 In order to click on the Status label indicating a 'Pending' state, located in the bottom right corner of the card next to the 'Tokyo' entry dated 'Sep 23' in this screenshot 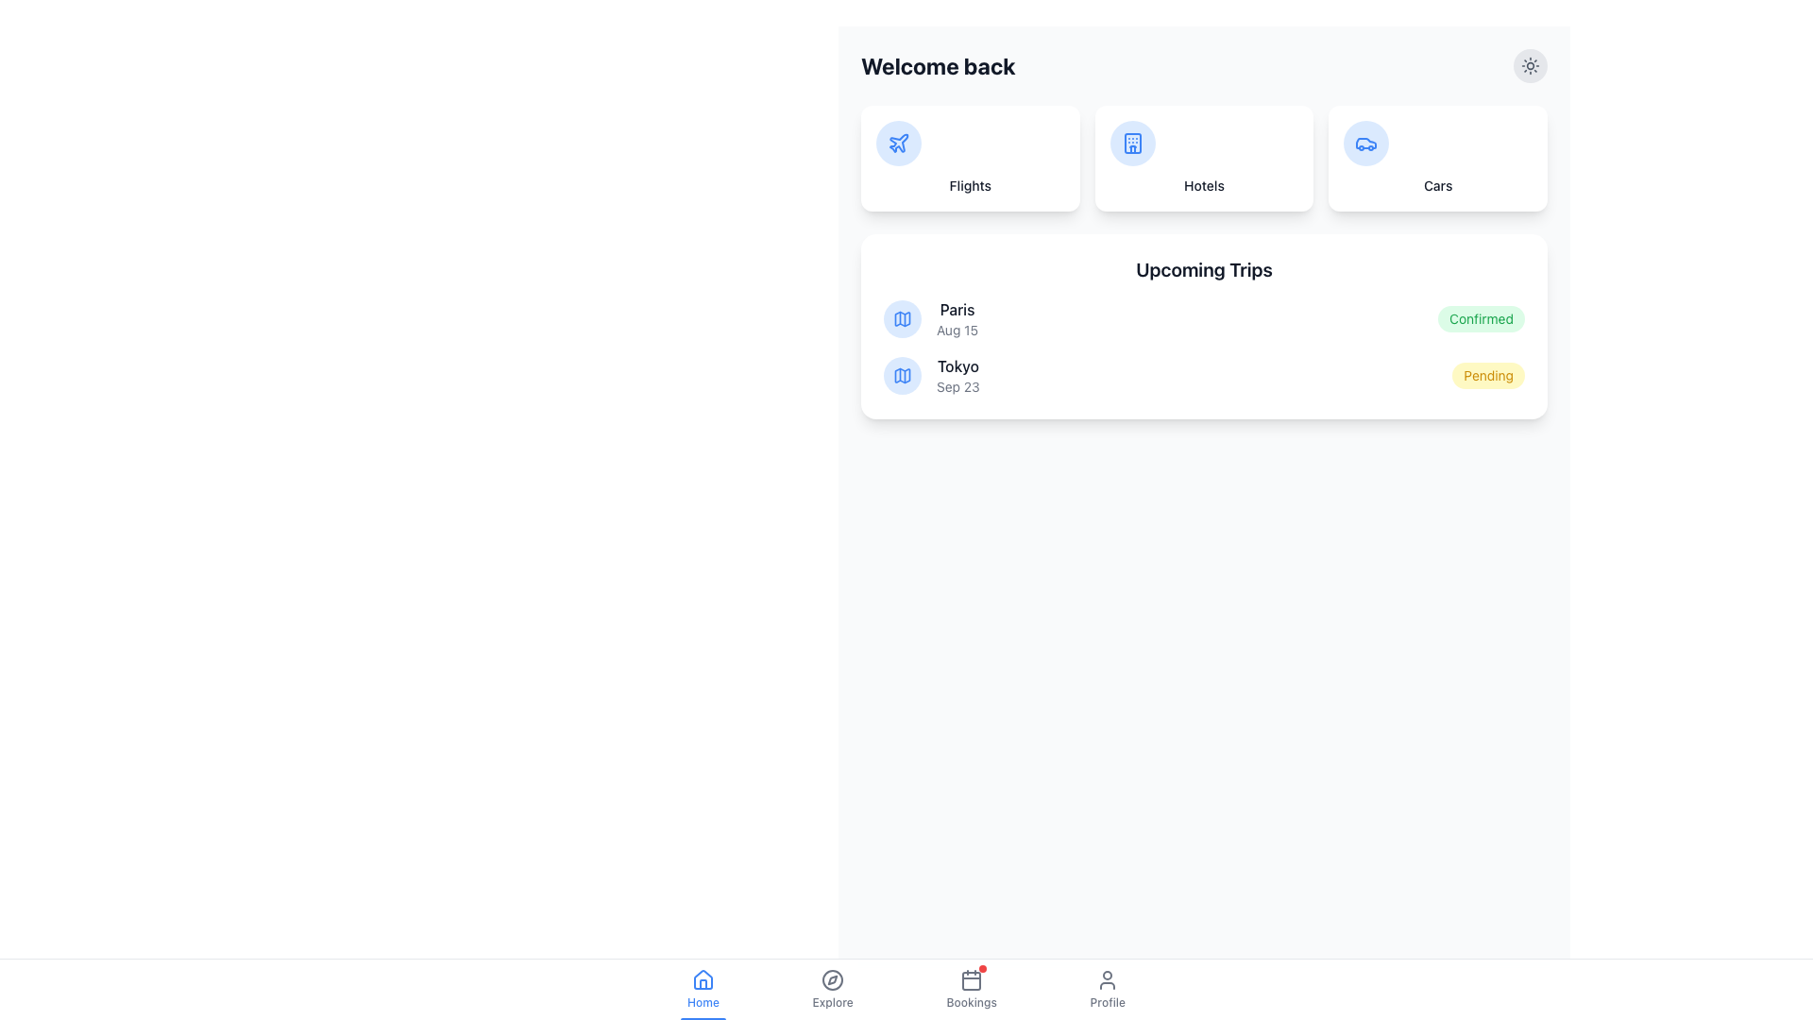, I will do `click(1487, 375)`.